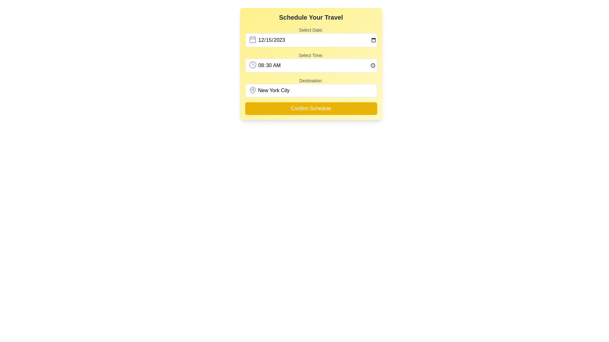 This screenshot has height=342, width=609. I want to click on to select text within the Date input field displaying '12/15/2023', which is located in a yellow-themed section titled 'Schedule Your Travel', so click(311, 40).